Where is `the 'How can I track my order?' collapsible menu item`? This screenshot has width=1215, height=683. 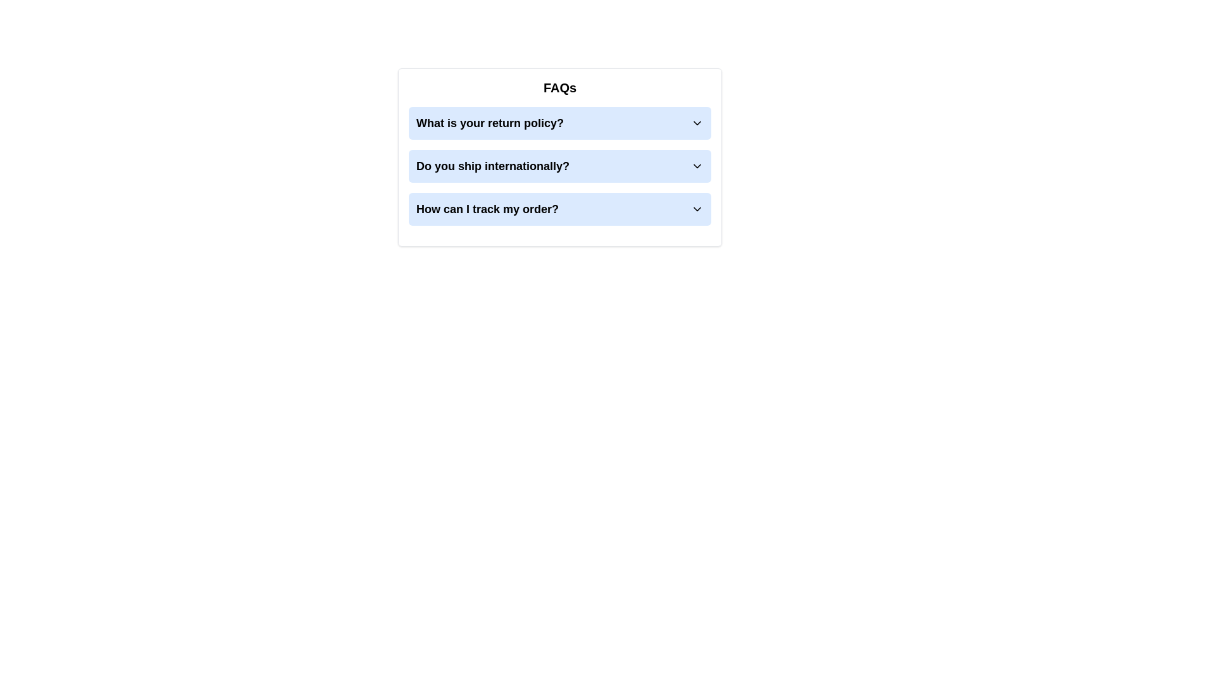
the 'How can I track my order?' collapsible menu item is located at coordinates (559, 209).